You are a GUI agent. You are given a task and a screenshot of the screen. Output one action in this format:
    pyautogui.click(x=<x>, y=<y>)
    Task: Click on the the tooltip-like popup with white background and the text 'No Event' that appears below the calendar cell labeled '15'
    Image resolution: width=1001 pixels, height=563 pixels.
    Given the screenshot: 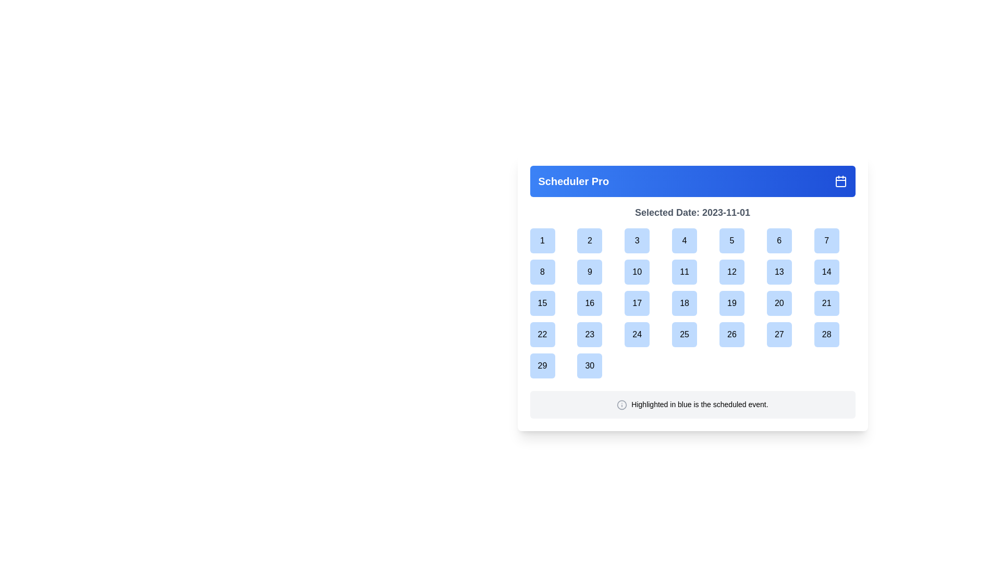 What is the action you would take?
    pyautogui.click(x=551, y=324)
    